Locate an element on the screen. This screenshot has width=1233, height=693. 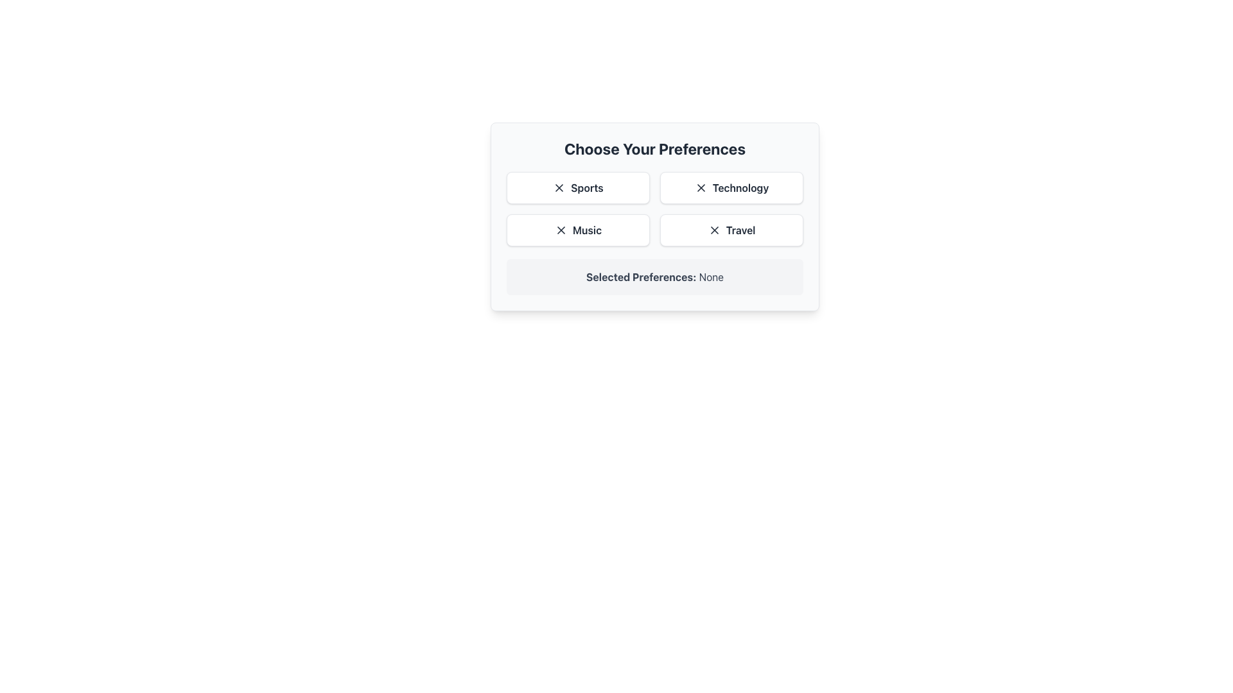
the 'X' icon with a circular style and dark stroke located on the far left of the 'Travel' button at the bottom right of the button grid is located at coordinates (713, 229).